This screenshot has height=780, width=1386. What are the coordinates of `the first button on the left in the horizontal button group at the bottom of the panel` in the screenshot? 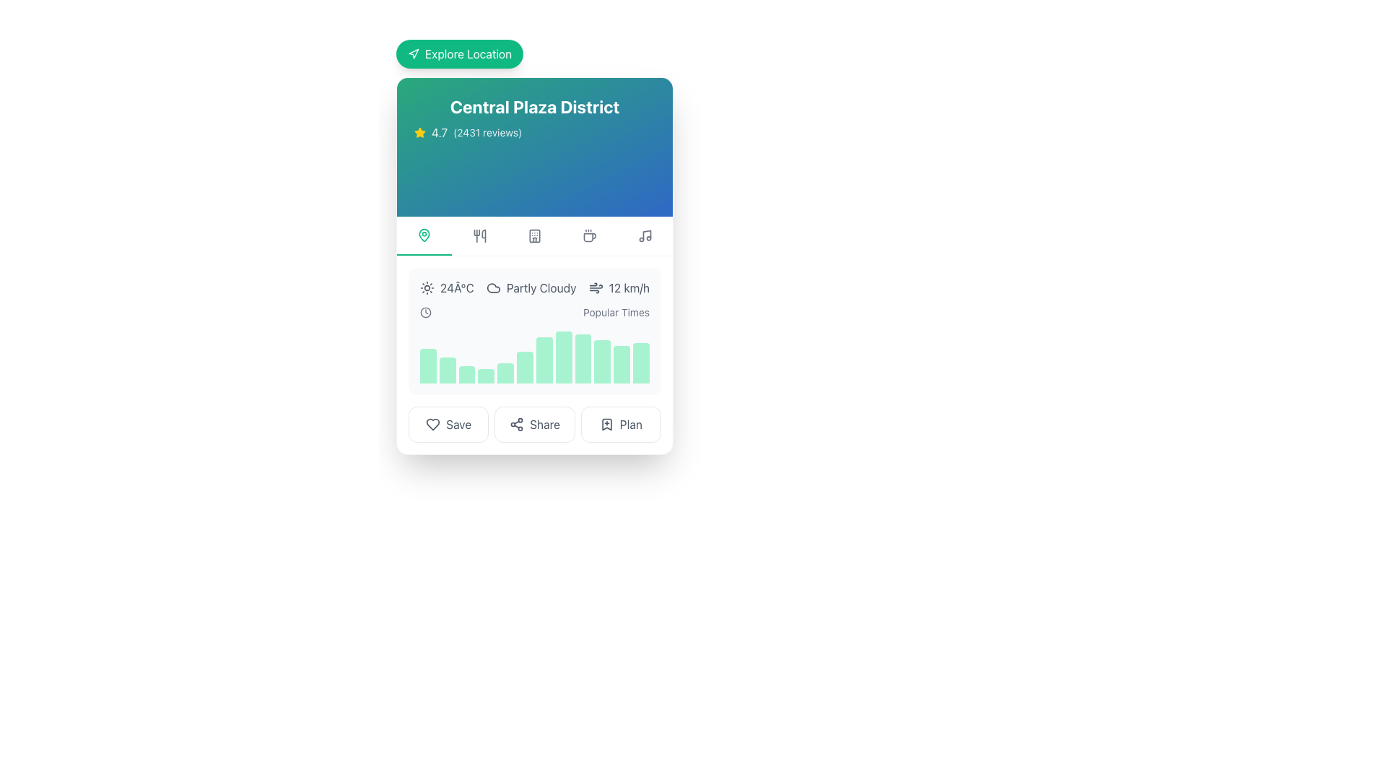 It's located at (448, 423).